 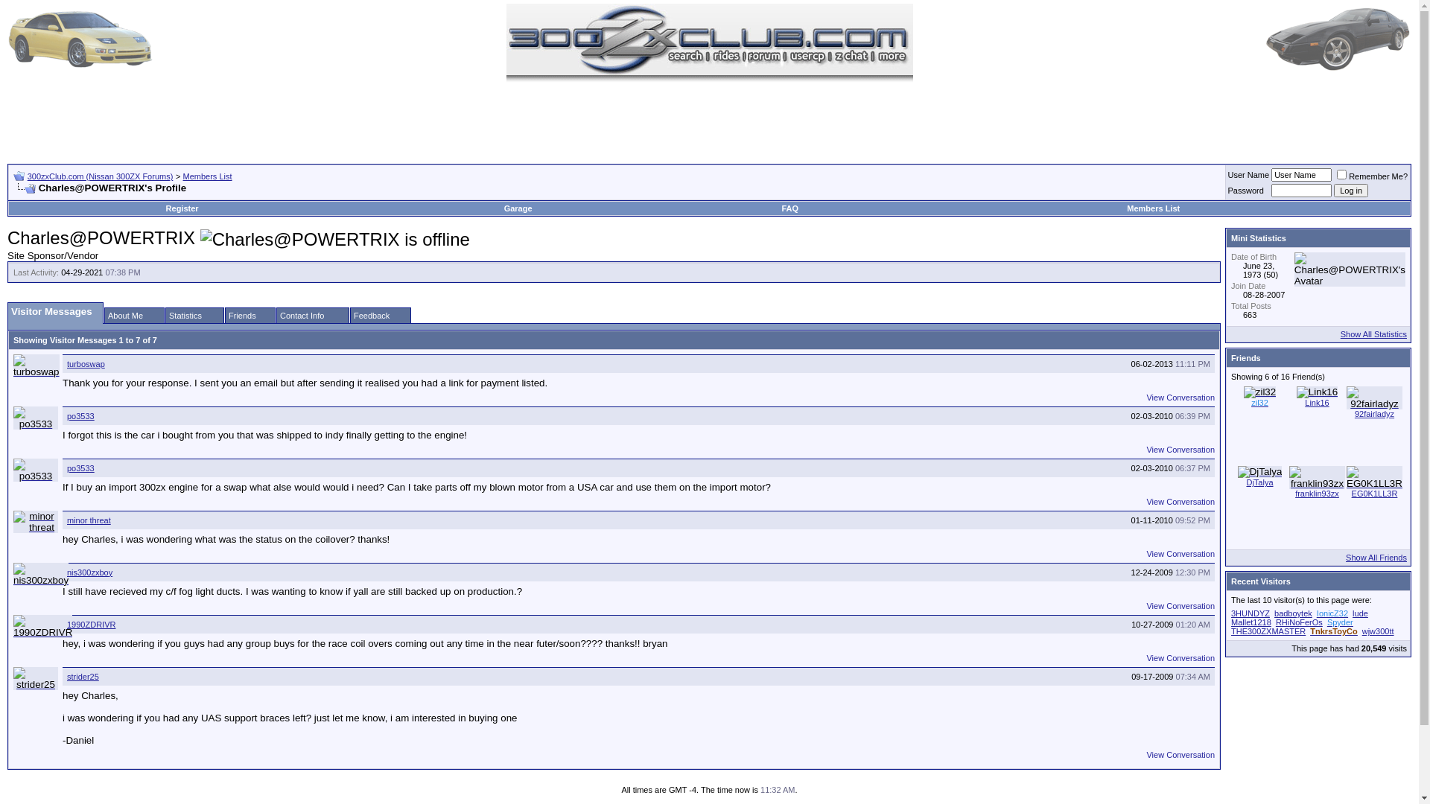 I want to click on 'zil32', so click(x=1259, y=402).